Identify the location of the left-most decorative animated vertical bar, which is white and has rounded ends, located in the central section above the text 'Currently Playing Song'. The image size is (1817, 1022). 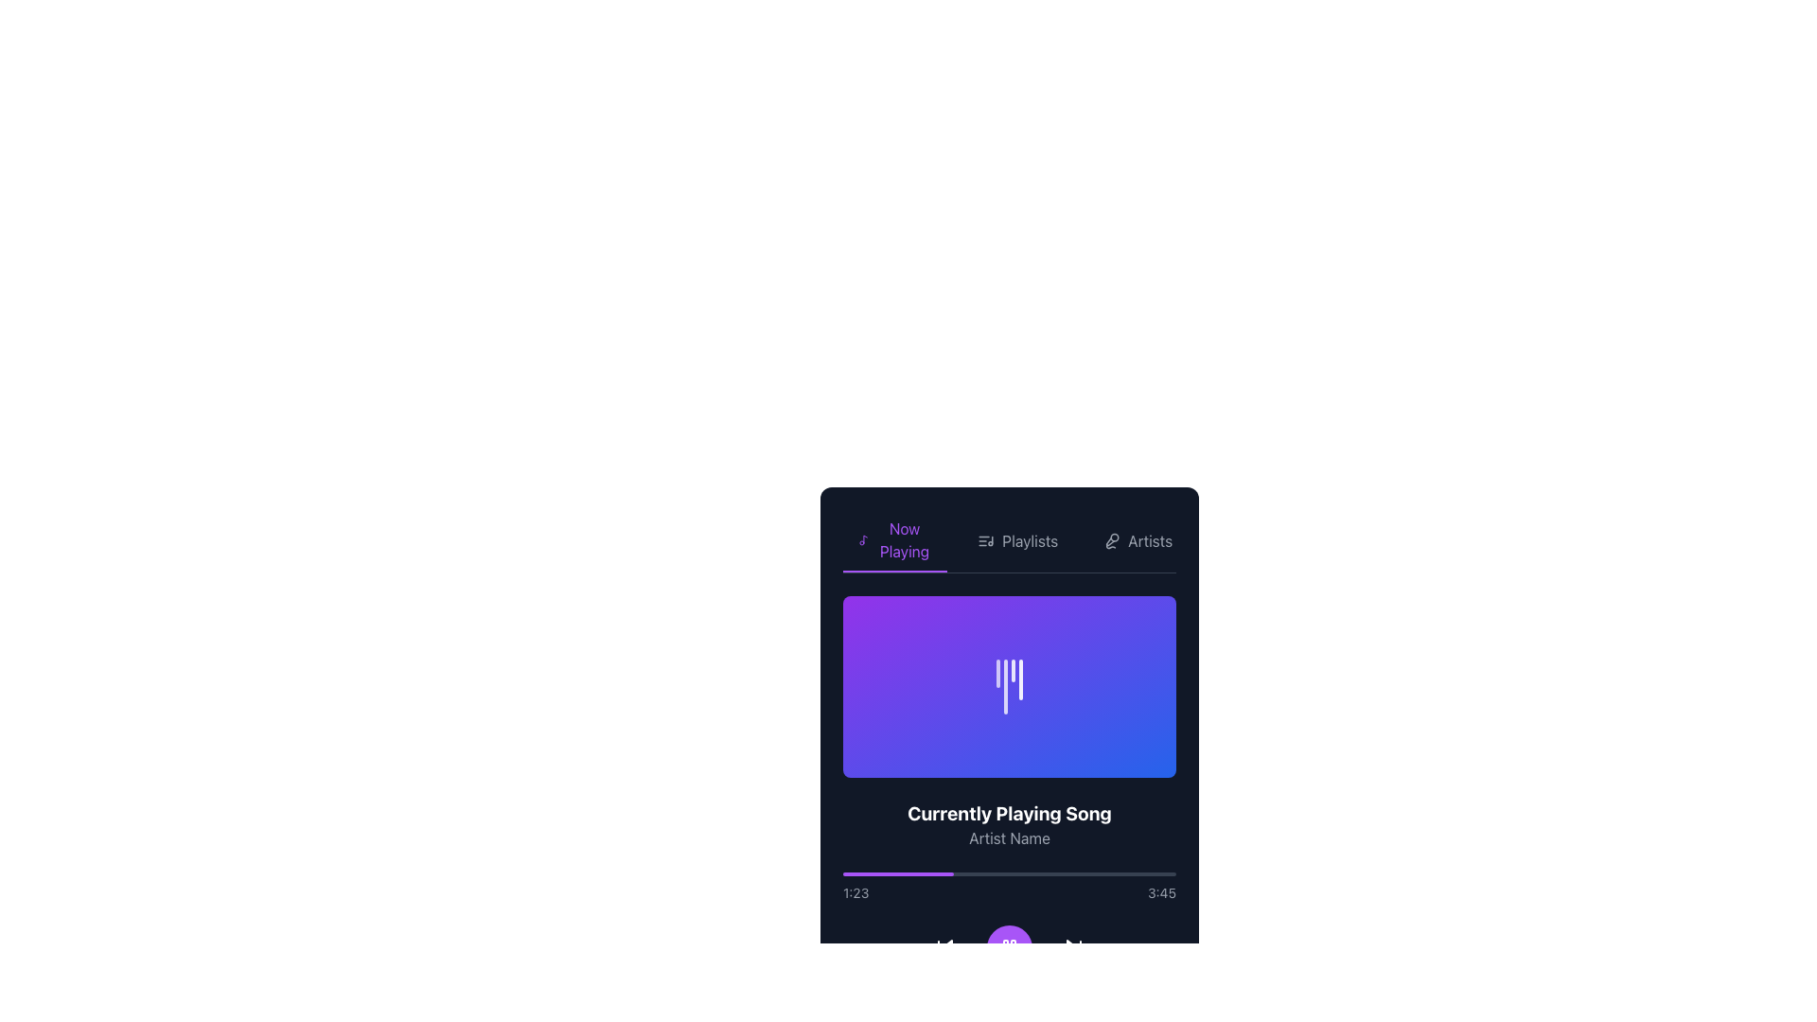
(997, 671).